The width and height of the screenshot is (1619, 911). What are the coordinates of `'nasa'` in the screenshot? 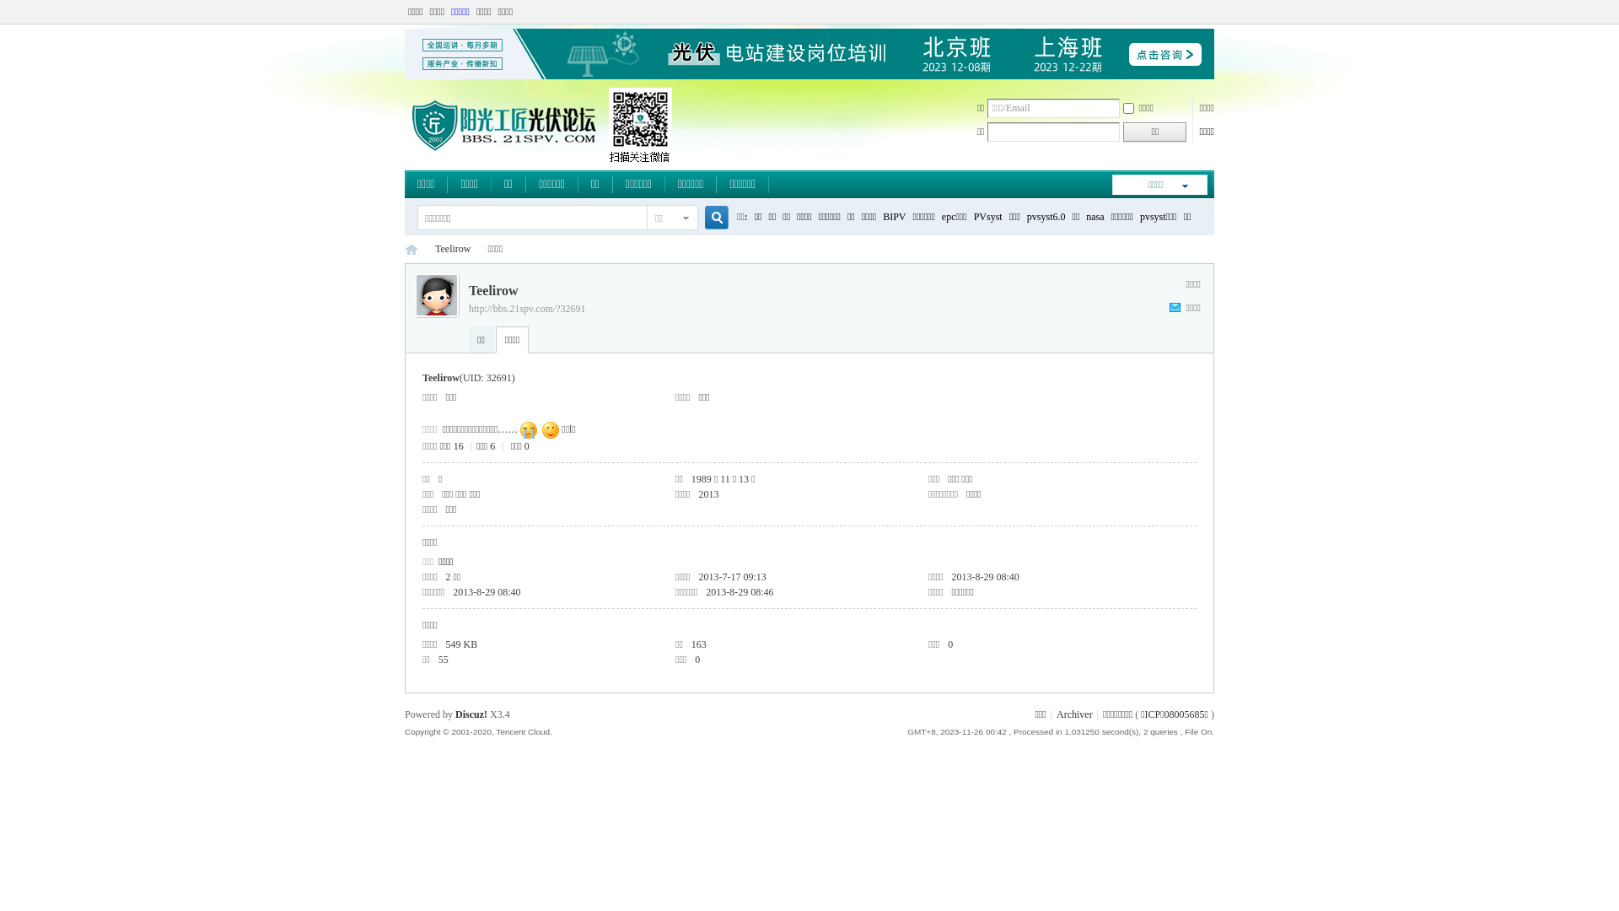 It's located at (1095, 216).